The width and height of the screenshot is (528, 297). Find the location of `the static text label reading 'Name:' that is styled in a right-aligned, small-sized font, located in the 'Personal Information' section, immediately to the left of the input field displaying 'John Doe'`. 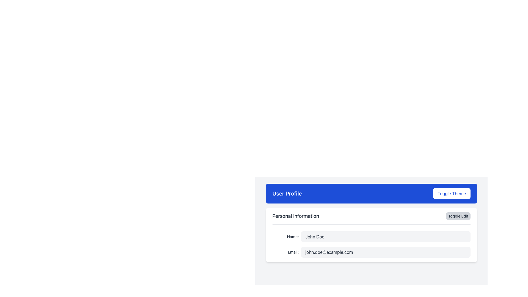

the static text label reading 'Name:' that is styled in a right-aligned, small-sized font, located in the 'Personal Information' section, immediately to the left of the input field displaying 'John Doe' is located at coordinates (285, 236).